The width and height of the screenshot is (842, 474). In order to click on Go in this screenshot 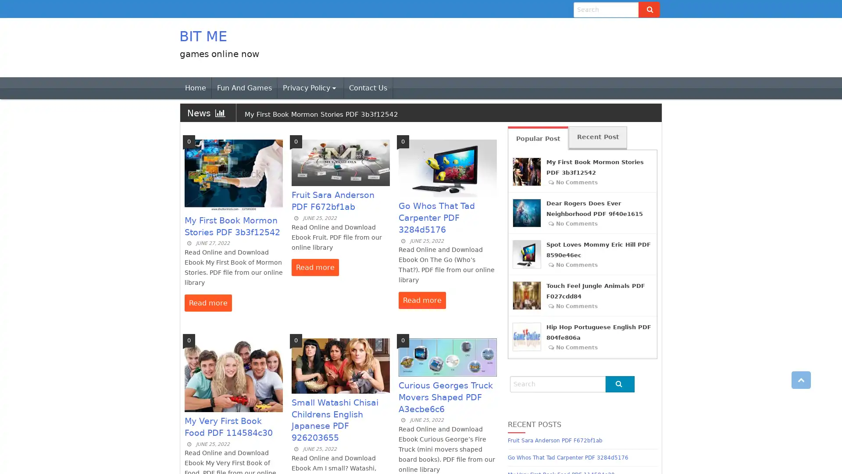, I will do `click(649, 9)`.